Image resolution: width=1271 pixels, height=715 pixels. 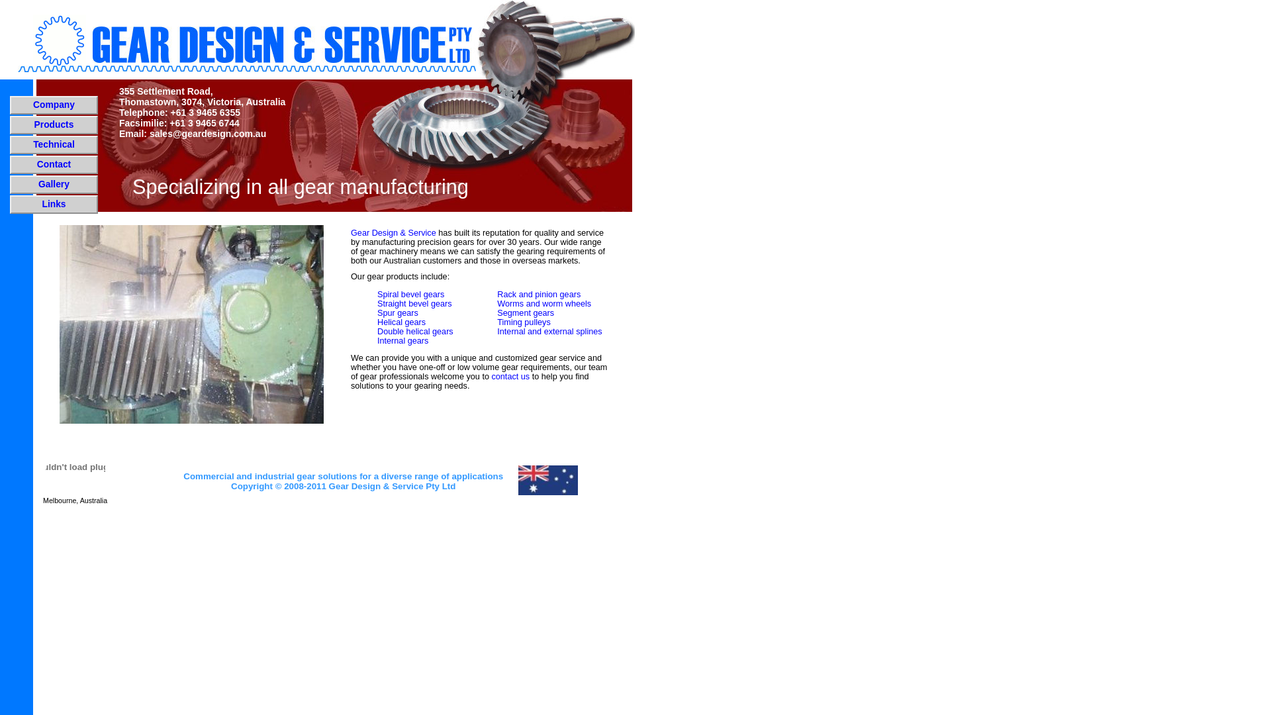 What do you see at coordinates (414, 331) in the screenshot?
I see `'Double helical gears'` at bounding box center [414, 331].